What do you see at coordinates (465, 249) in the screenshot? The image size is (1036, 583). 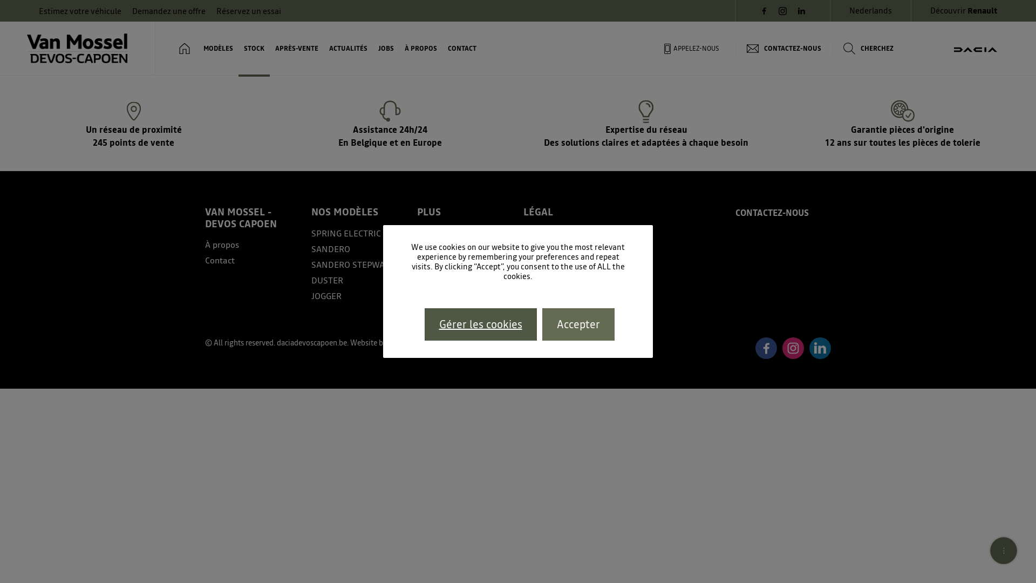 I see `'Configurateur'` at bounding box center [465, 249].